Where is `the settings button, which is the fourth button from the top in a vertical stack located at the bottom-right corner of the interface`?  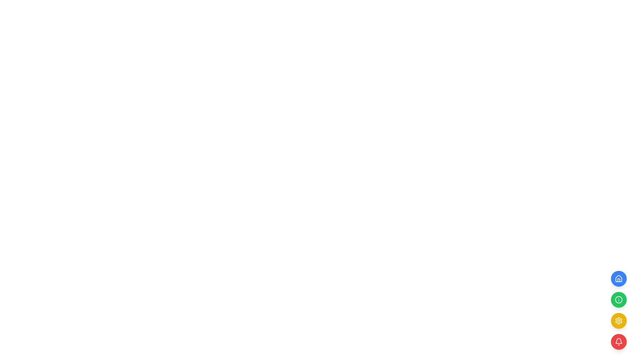 the settings button, which is the fourth button from the top in a vertical stack located at the bottom-right corner of the interface is located at coordinates (619, 320).